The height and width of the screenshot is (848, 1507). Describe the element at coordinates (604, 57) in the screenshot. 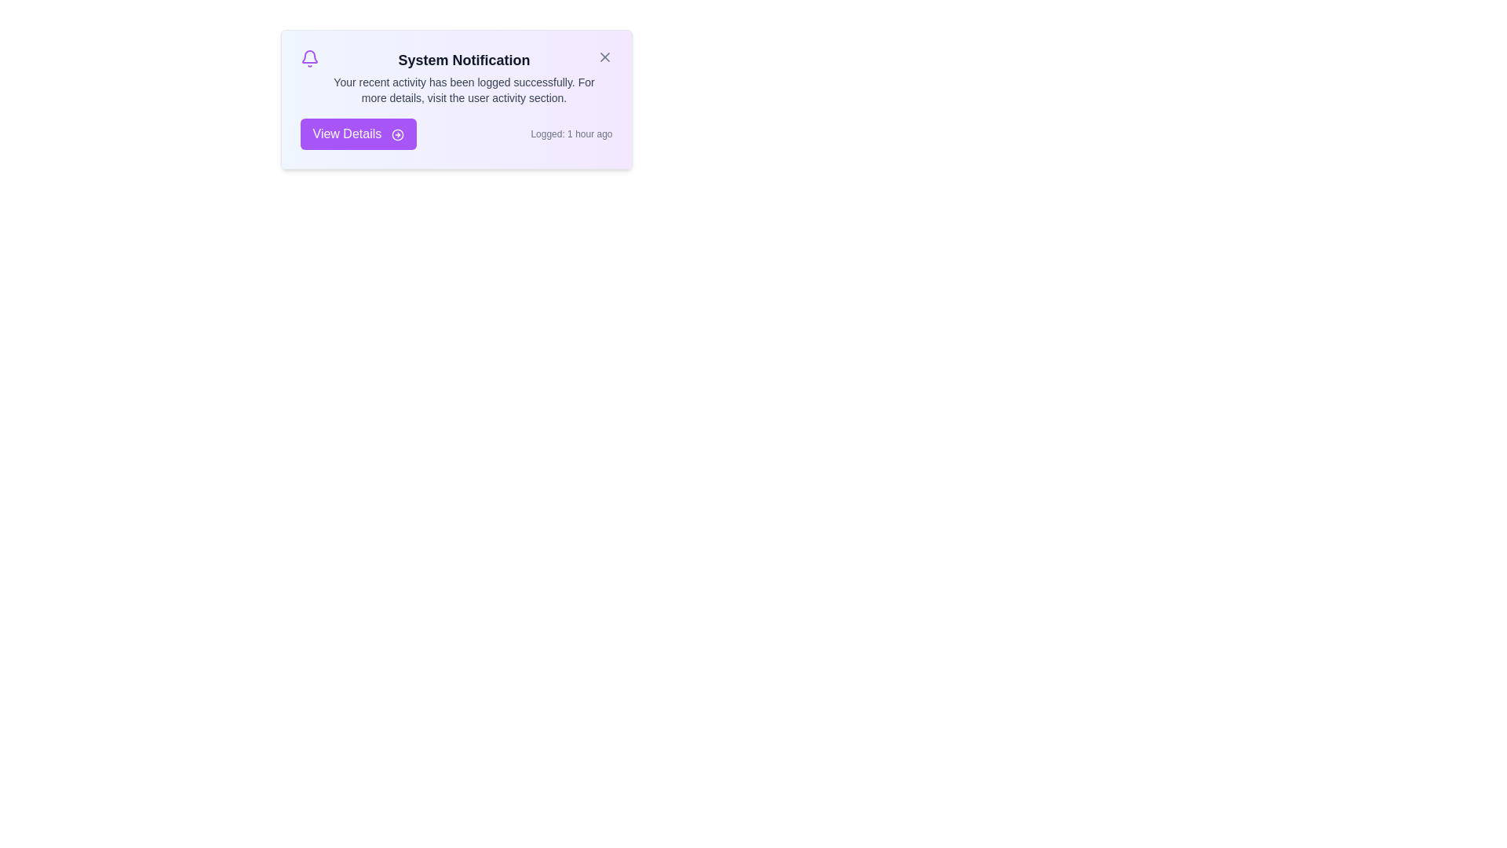

I see `the close button to dismiss the notification` at that location.